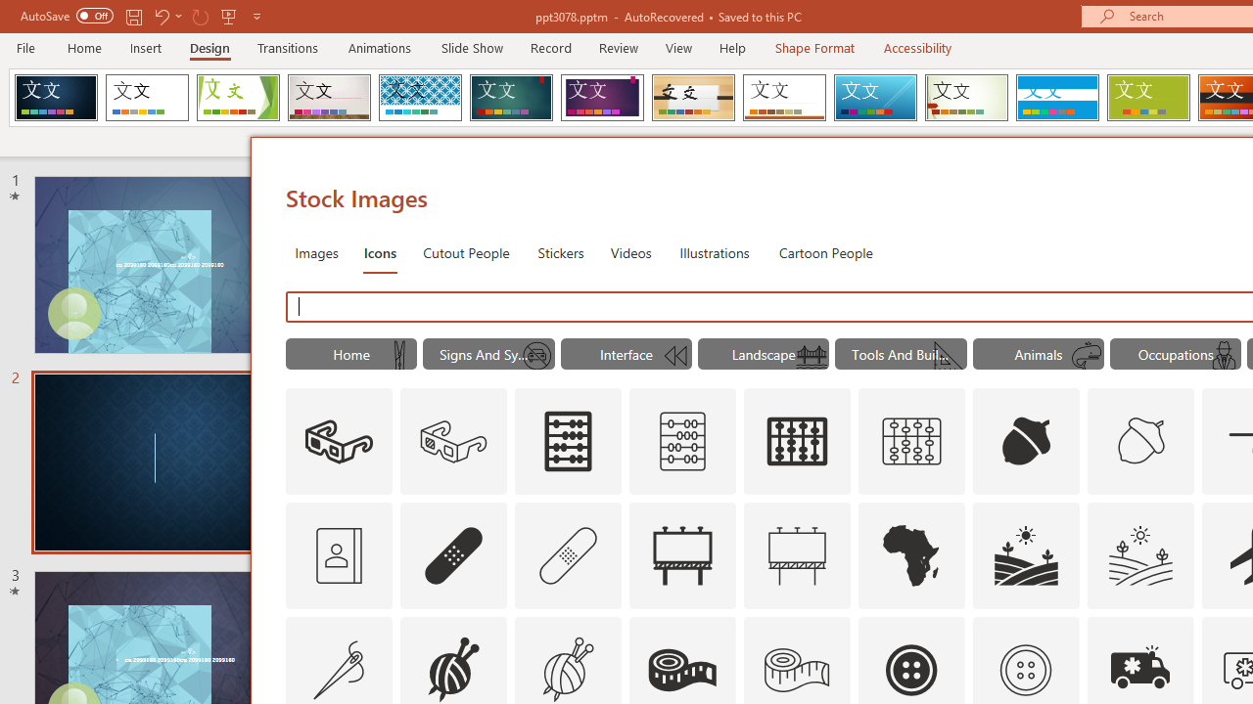  Describe the element at coordinates (798, 555) in the screenshot. I see `'AutomationID: Icons_Advertising_M'` at that location.